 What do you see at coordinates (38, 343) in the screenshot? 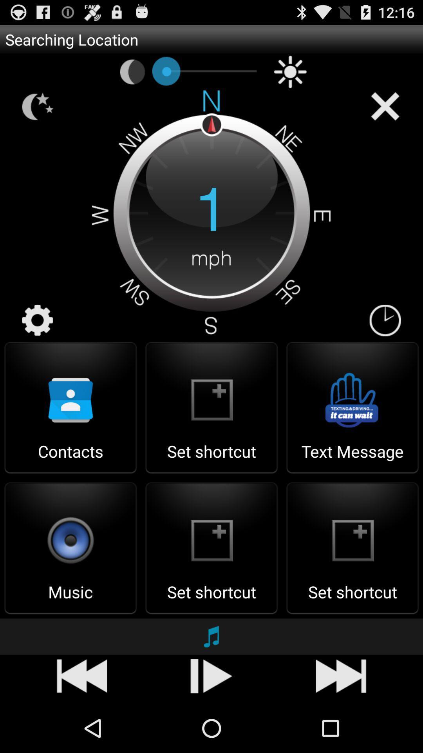
I see `the settings icon` at bounding box center [38, 343].